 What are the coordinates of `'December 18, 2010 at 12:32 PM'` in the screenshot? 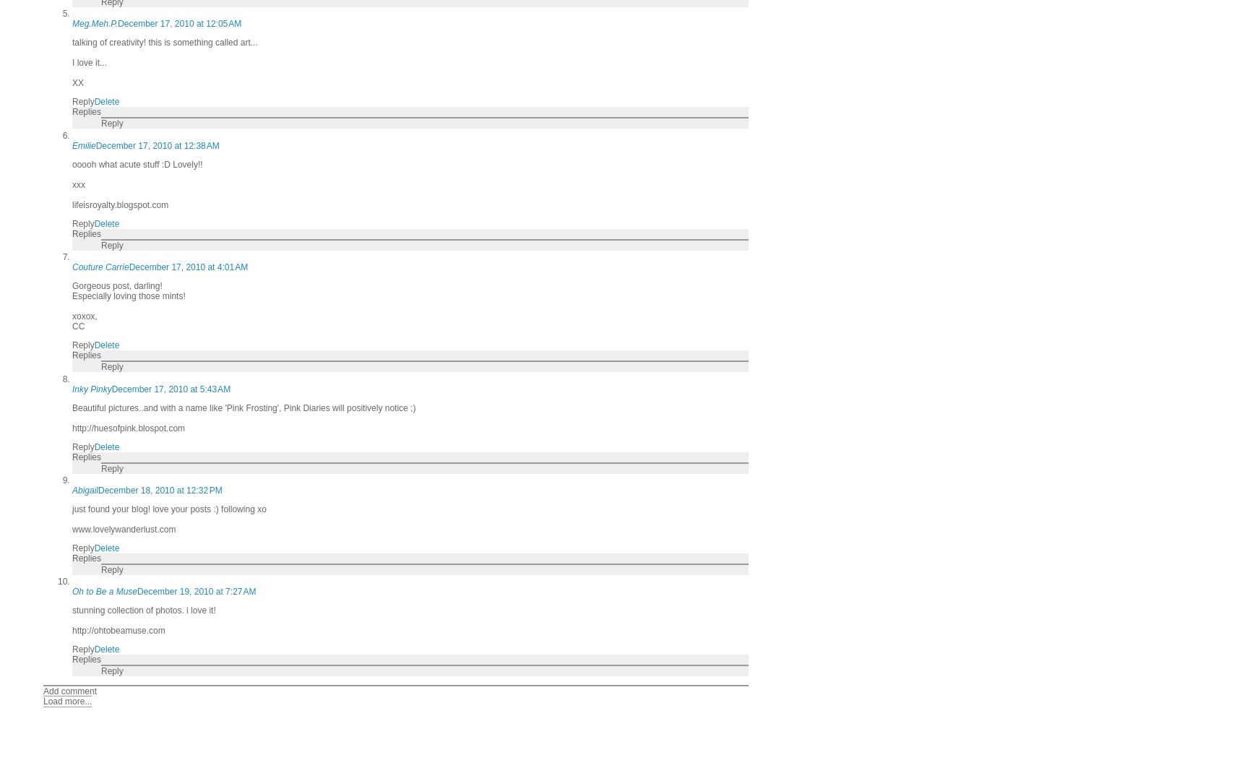 It's located at (160, 488).